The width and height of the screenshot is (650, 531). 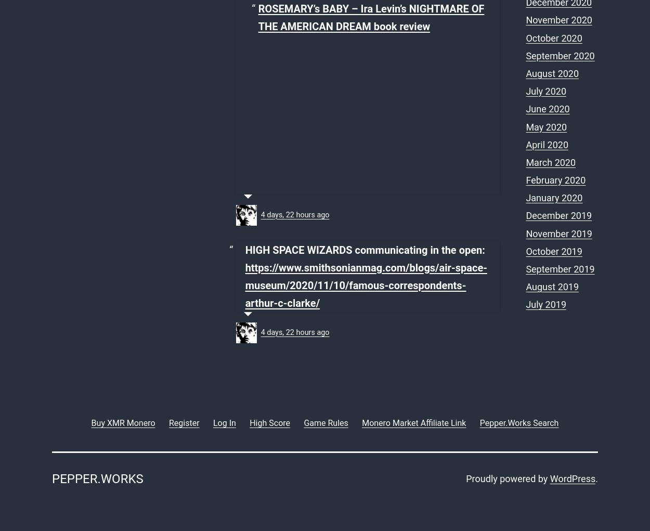 What do you see at coordinates (546, 126) in the screenshot?
I see `'May 2020'` at bounding box center [546, 126].